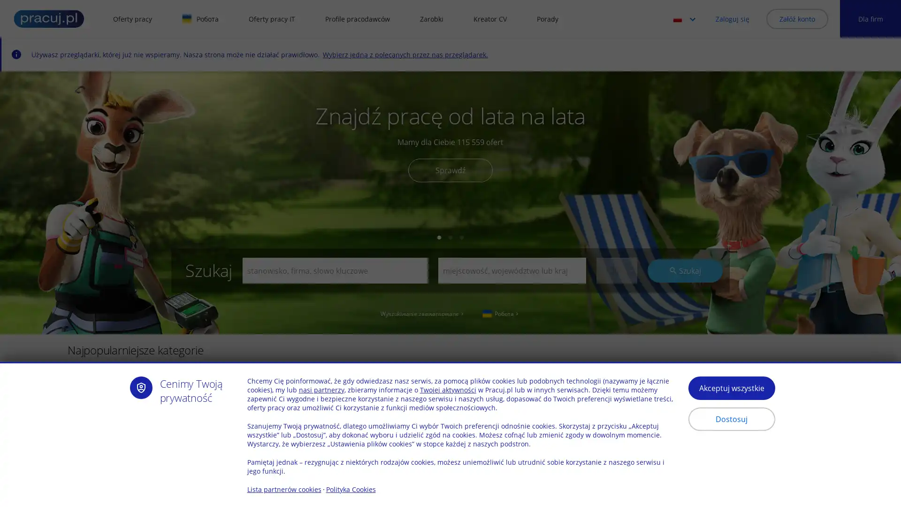 The height and width of the screenshot is (507, 901). Describe the element at coordinates (616, 389) in the screenshot. I see `+ 35 km` at that location.